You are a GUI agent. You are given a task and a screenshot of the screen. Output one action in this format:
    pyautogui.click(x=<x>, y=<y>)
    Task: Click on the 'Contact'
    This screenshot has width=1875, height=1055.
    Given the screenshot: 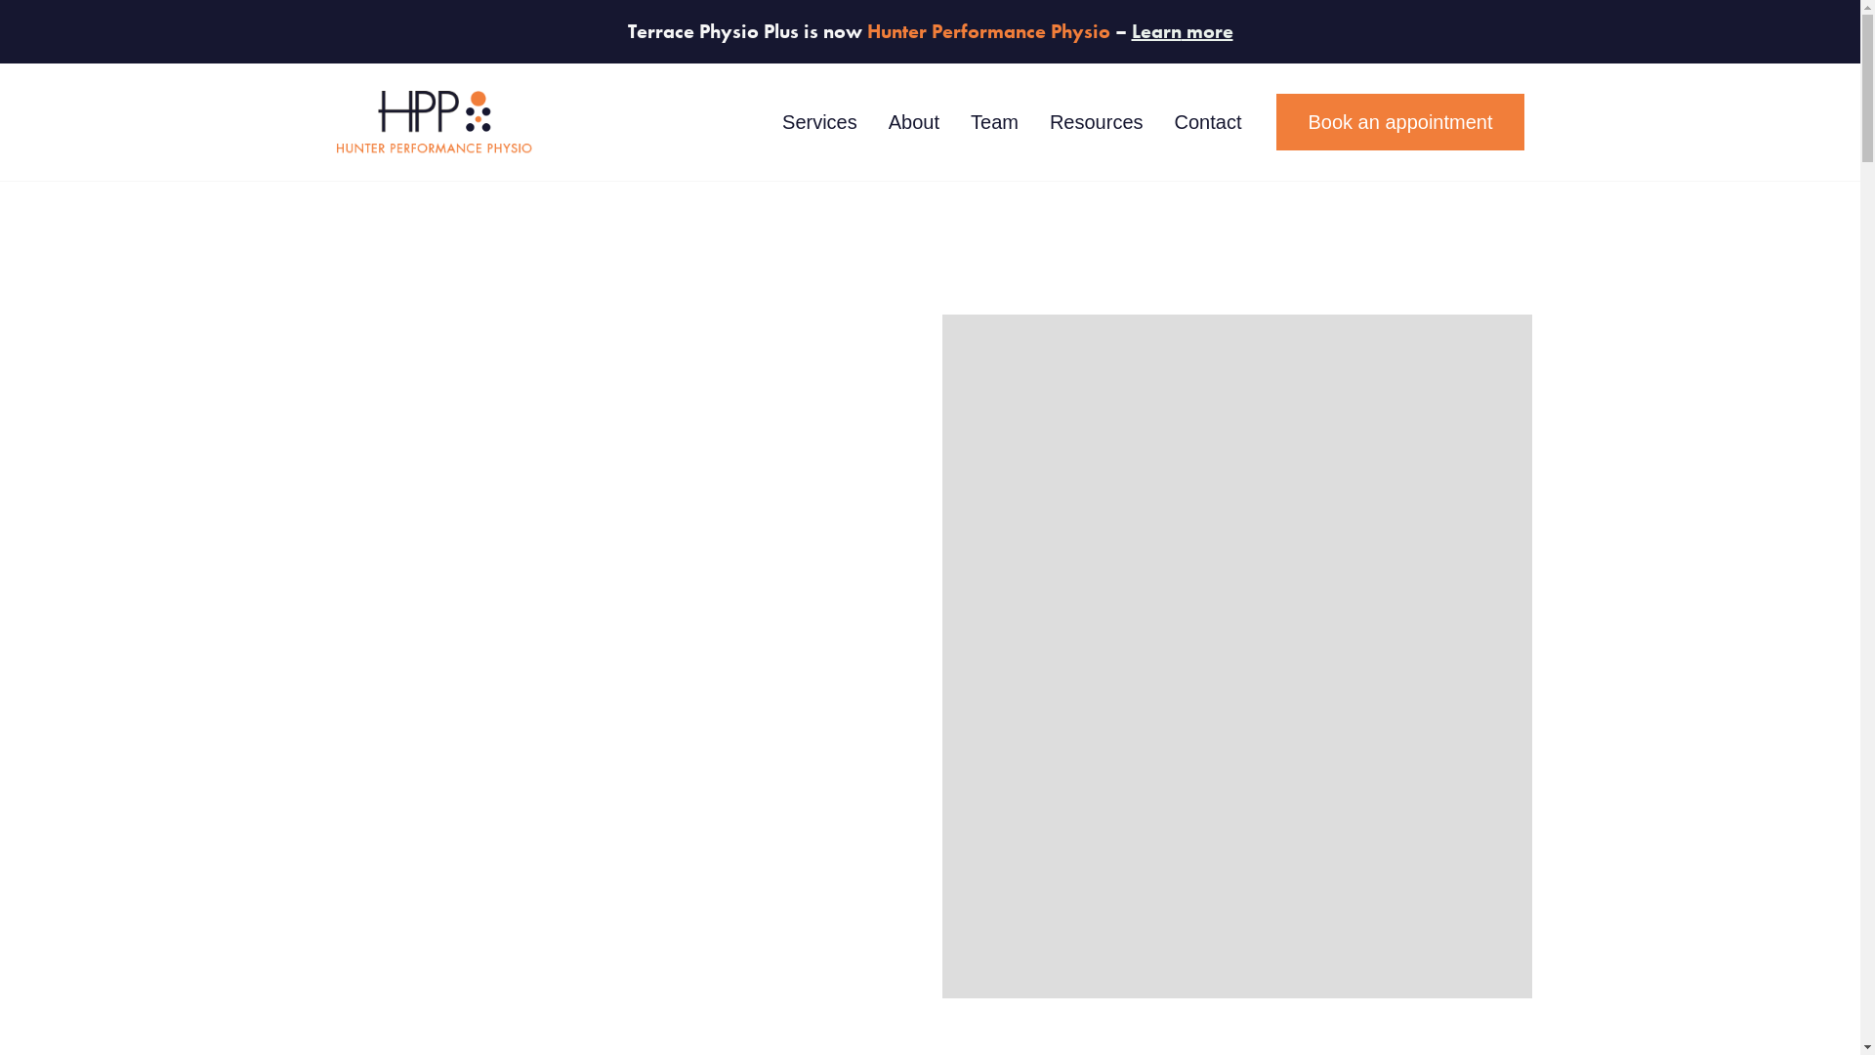 What is the action you would take?
    pyautogui.click(x=1207, y=122)
    